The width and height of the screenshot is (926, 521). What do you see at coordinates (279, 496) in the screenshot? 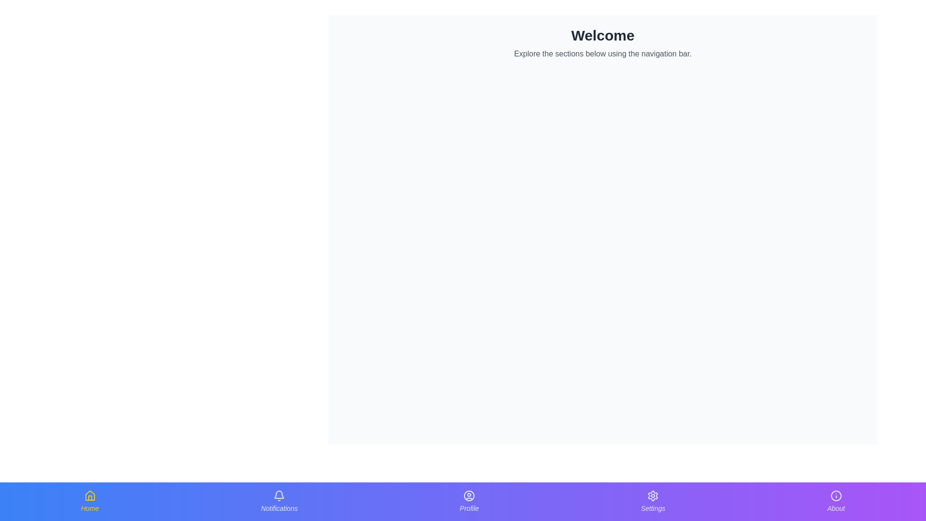
I see `the bell icon in the Notifications section of the bottom navigation bar, which symbolizes notifications and is positioned above the label 'Notifications'` at bounding box center [279, 496].